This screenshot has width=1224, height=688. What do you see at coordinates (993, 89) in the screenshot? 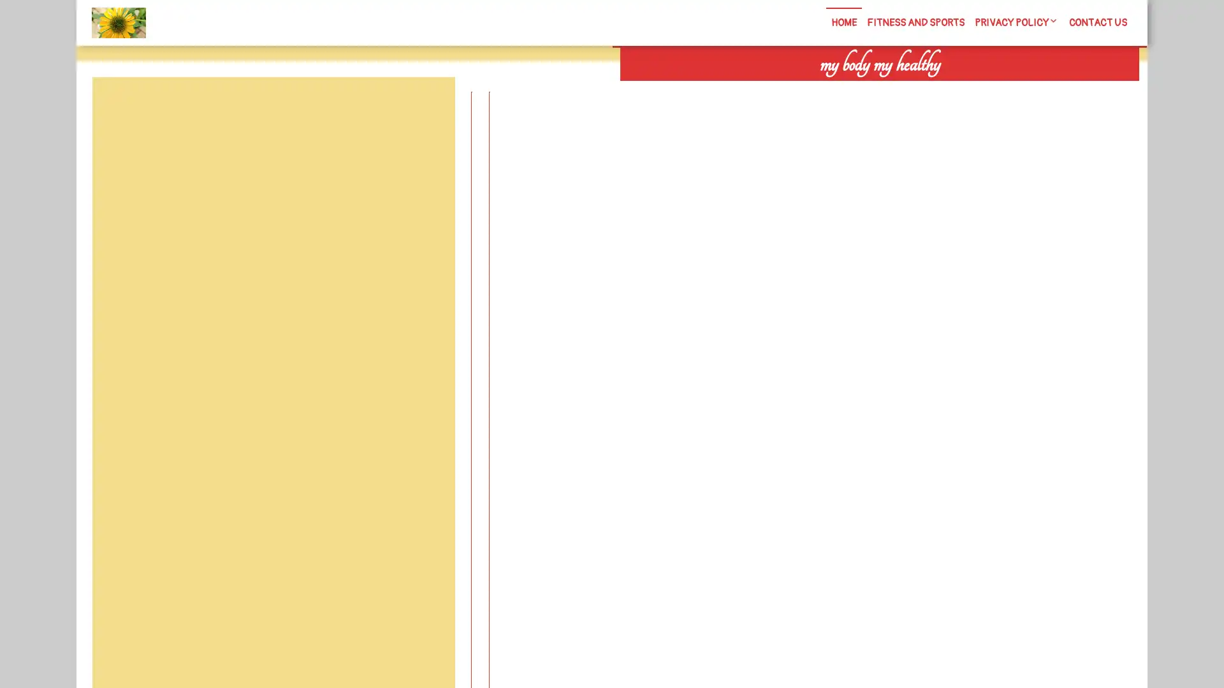
I see `Search` at bounding box center [993, 89].